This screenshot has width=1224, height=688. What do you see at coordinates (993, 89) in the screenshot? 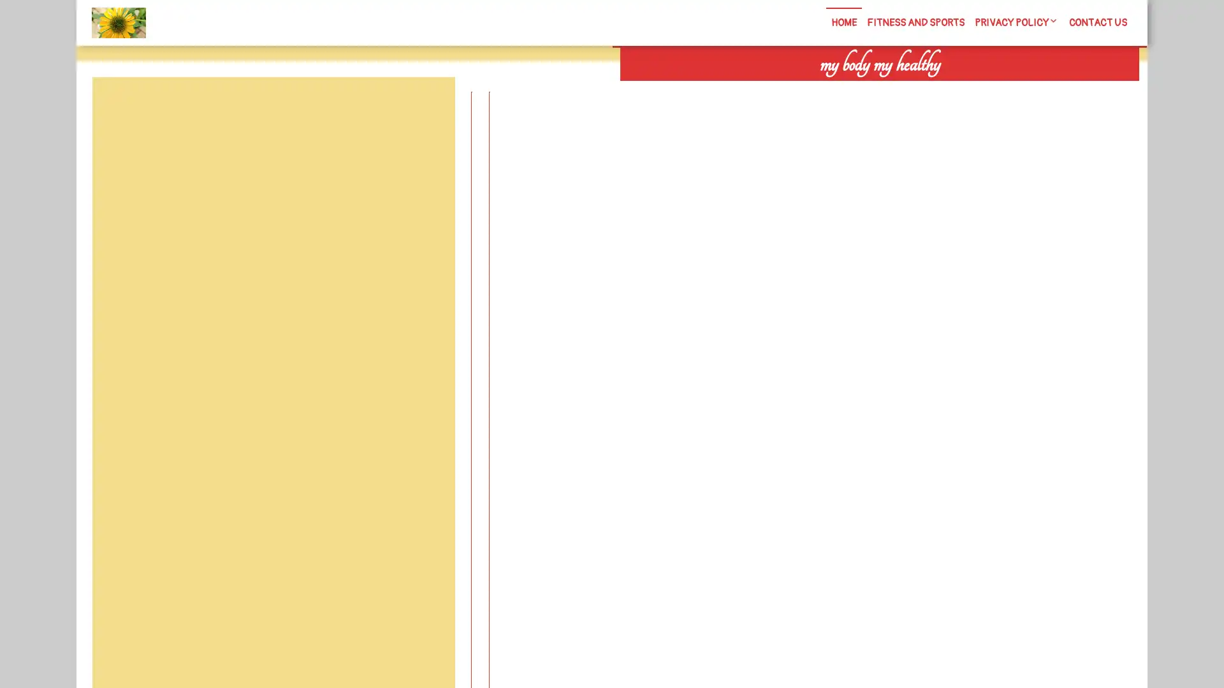
I see `Search` at bounding box center [993, 89].